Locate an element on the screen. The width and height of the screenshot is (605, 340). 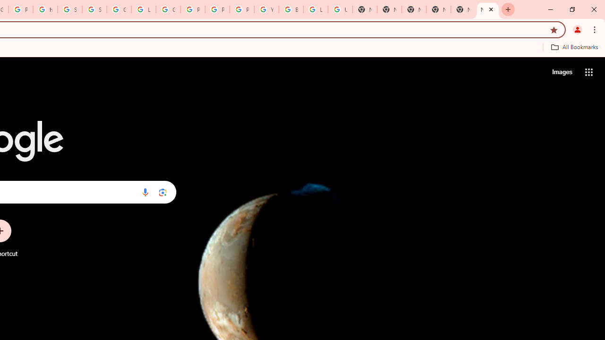
'New Tab' is located at coordinates (463, 9).